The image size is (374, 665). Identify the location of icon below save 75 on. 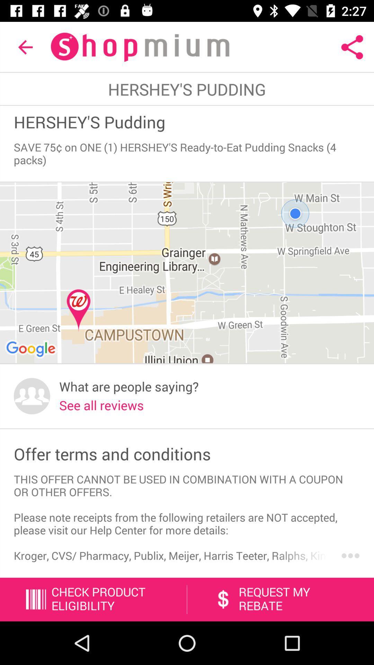
(187, 273).